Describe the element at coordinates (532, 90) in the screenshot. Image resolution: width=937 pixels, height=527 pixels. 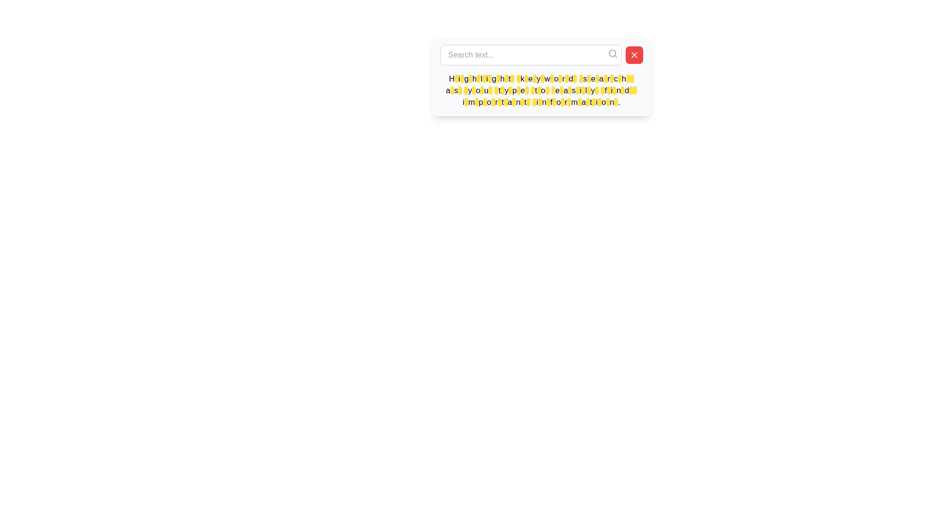
I see `the 12th highlighted segment within the text 'Highlight keyword search as you type to easily find important information.'` at that location.